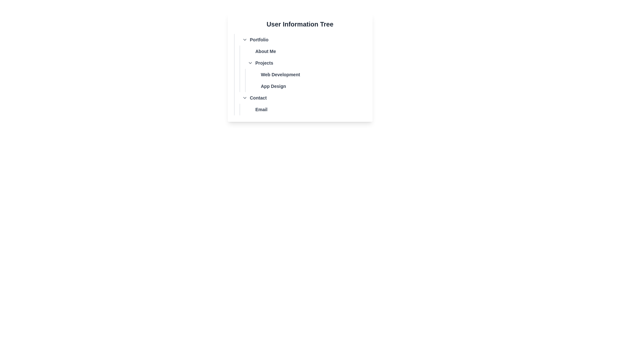 The width and height of the screenshot is (621, 349). What do you see at coordinates (244, 40) in the screenshot?
I see `the button that expands or collapses the 'Portfolio' menu, located to the left of the text 'Portfolio'` at bounding box center [244, 40].